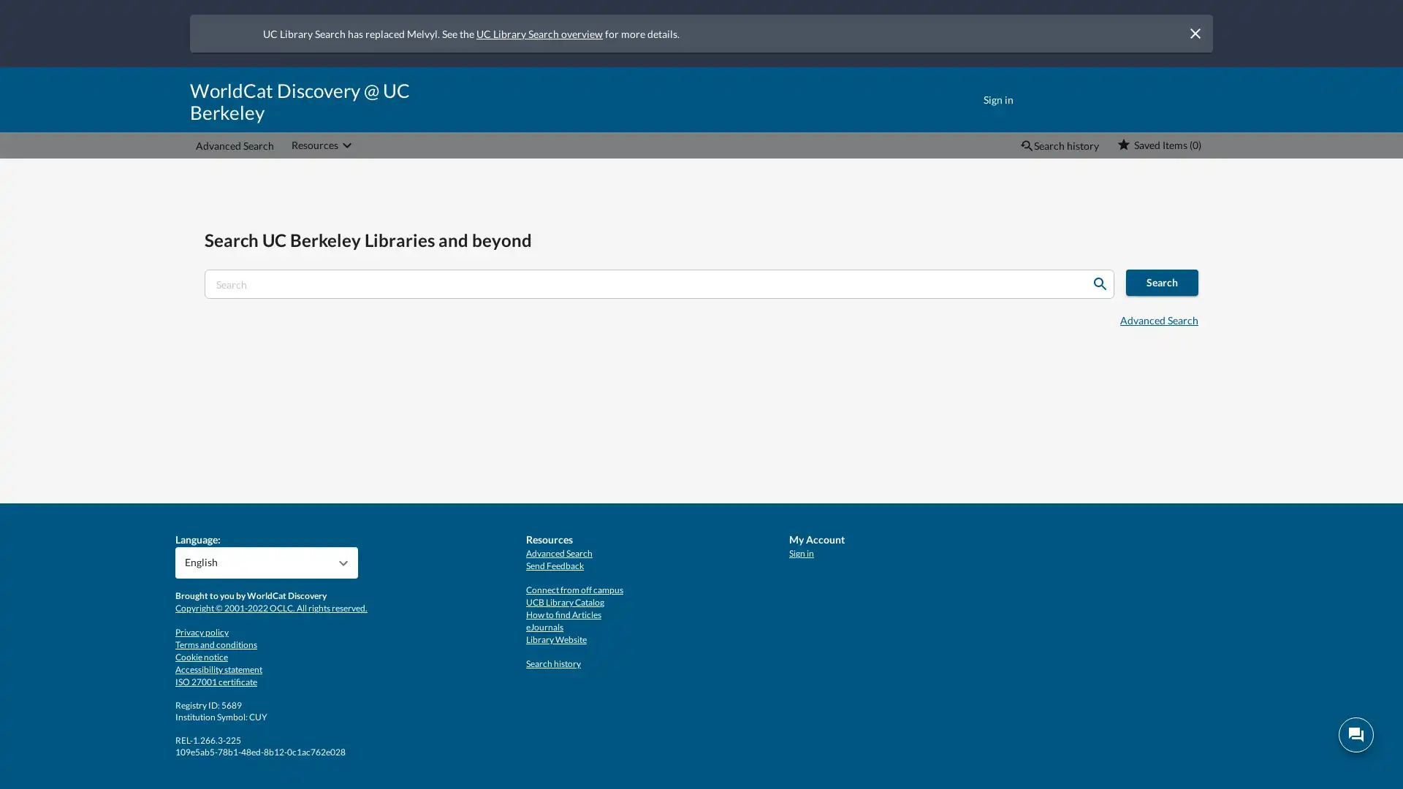  What do you see at coordinates (322, 145) in the screenshot?
I see `Resources` at bounding box center [322, 145].